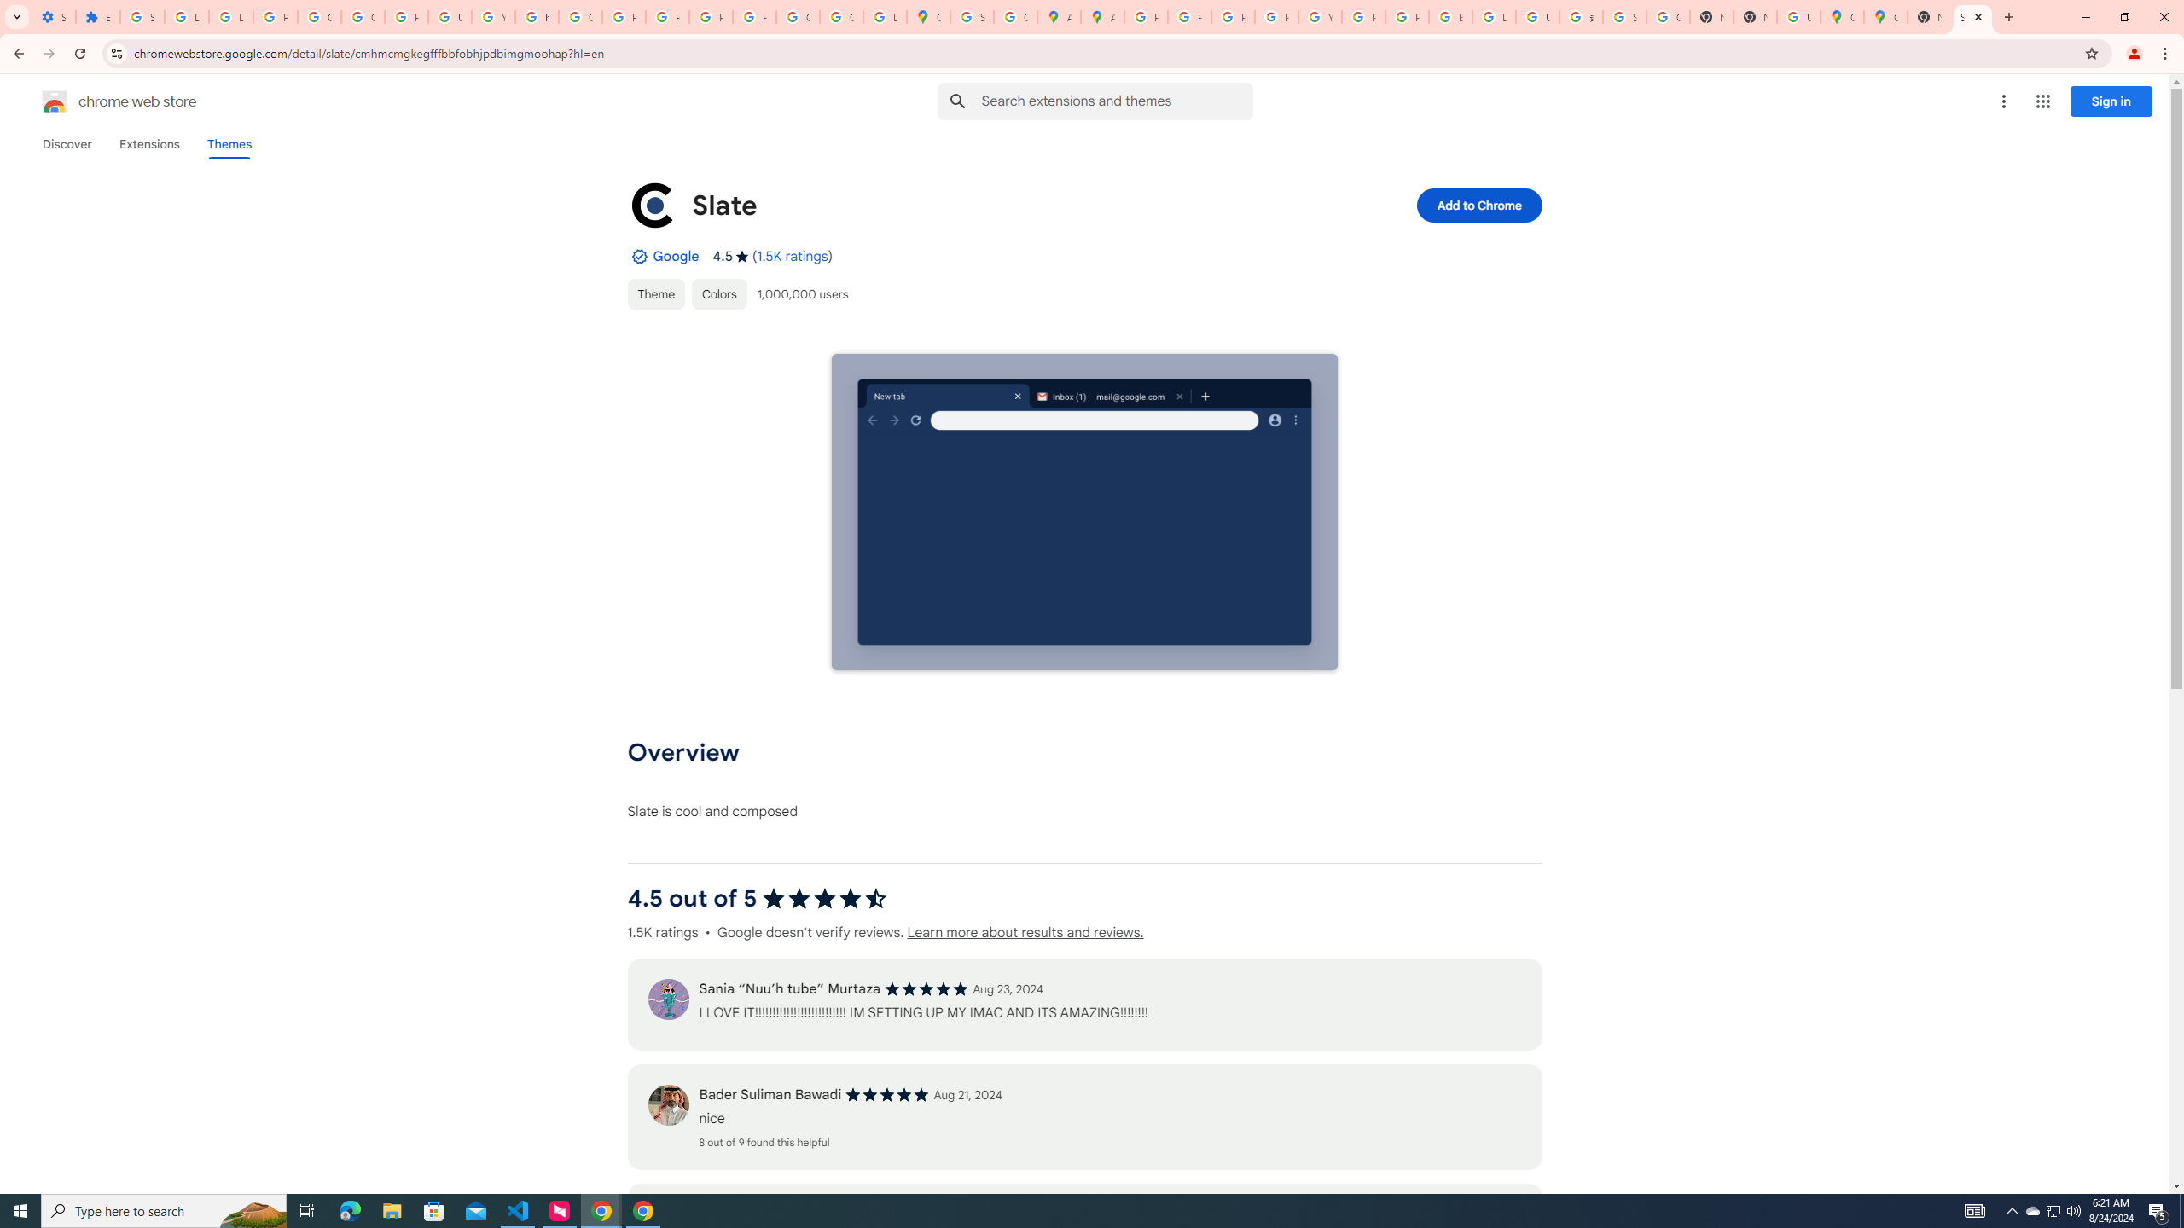 The image size is (2184, 1228). I want to click on 'Themes', so click(229, 143).